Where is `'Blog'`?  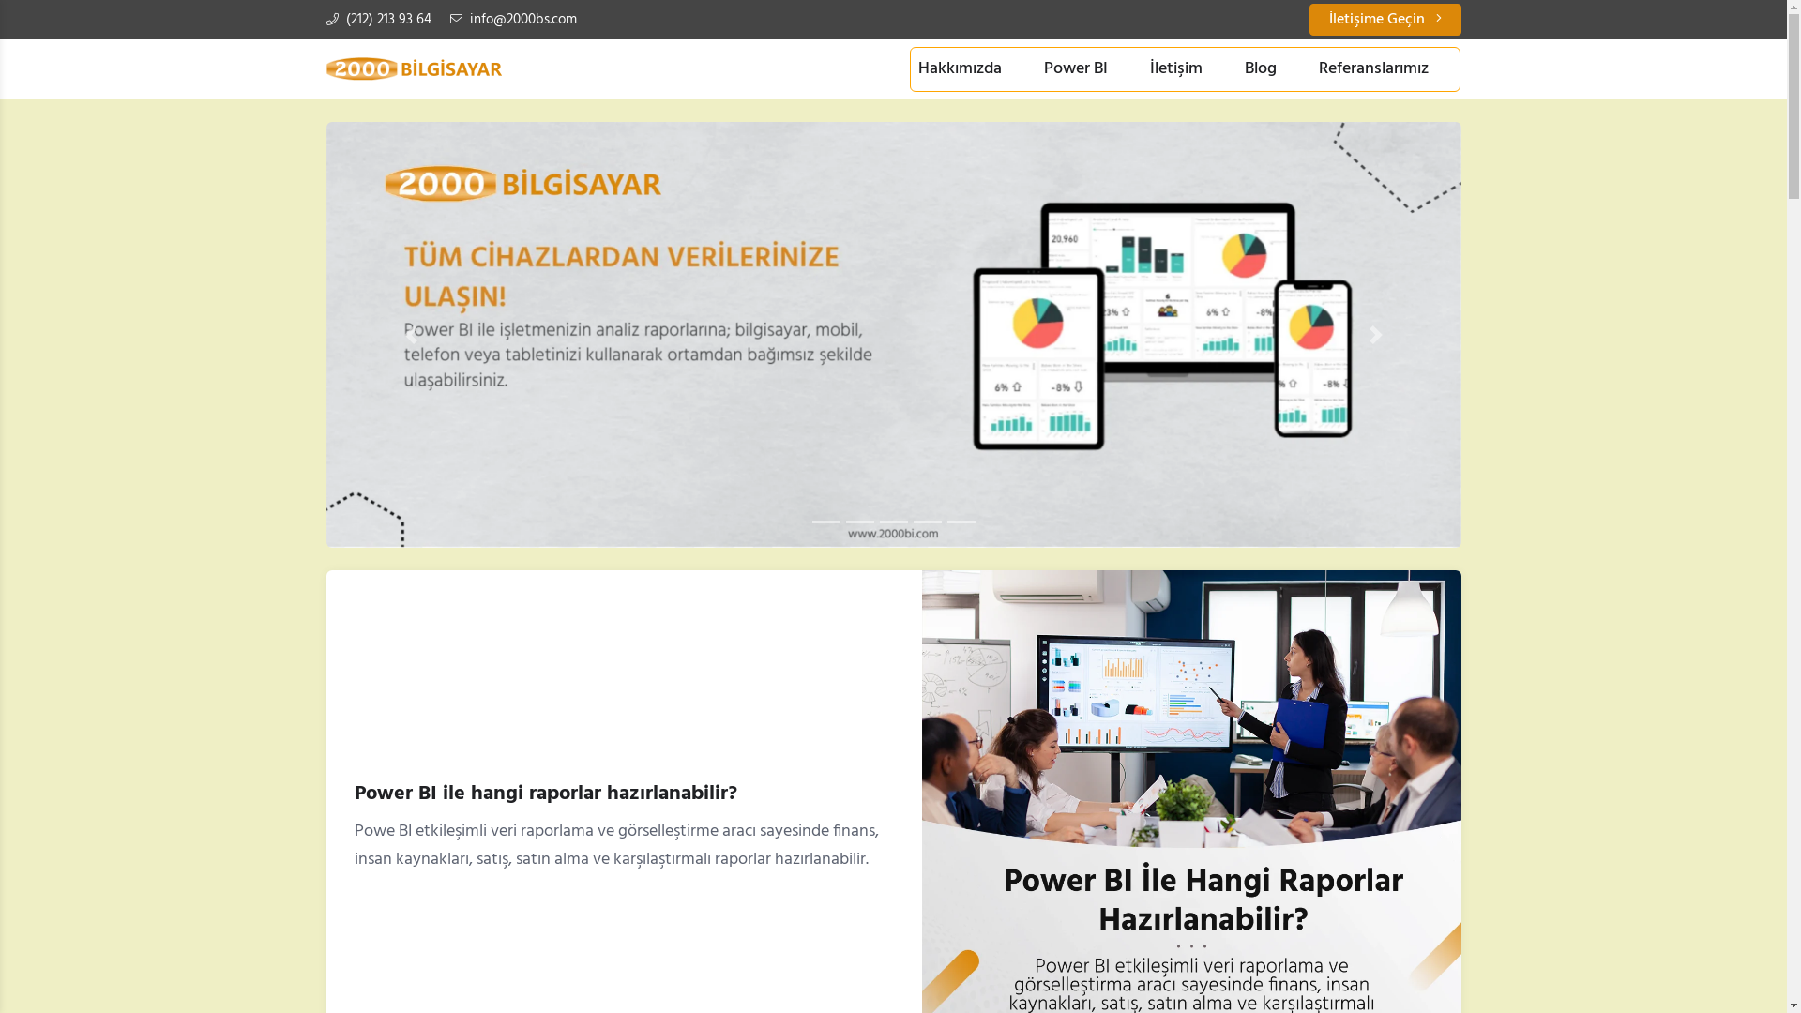
'Blog' is located at coordinates (1261, 68).